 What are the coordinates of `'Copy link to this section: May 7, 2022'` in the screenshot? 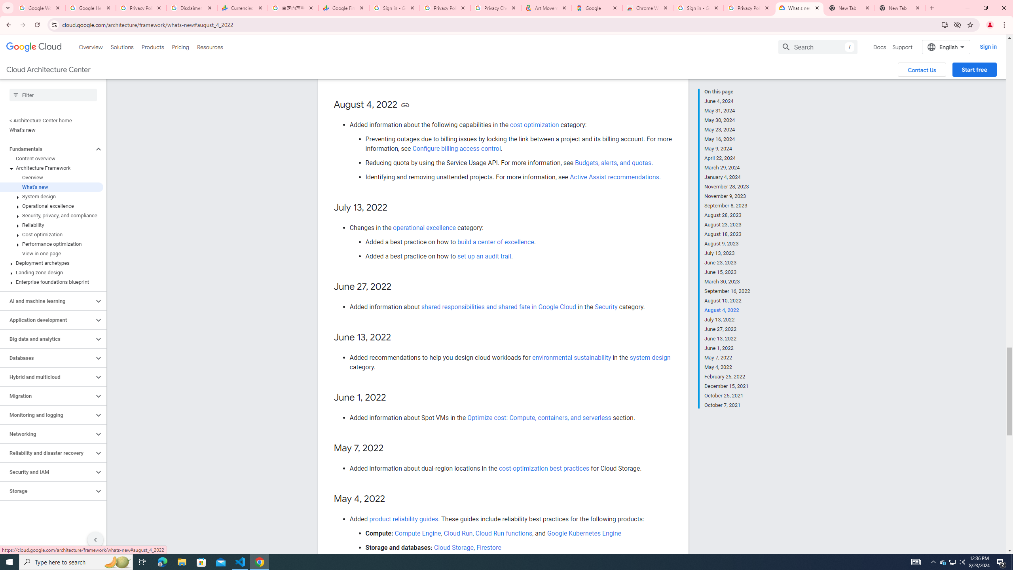 It's located at (392, 448).